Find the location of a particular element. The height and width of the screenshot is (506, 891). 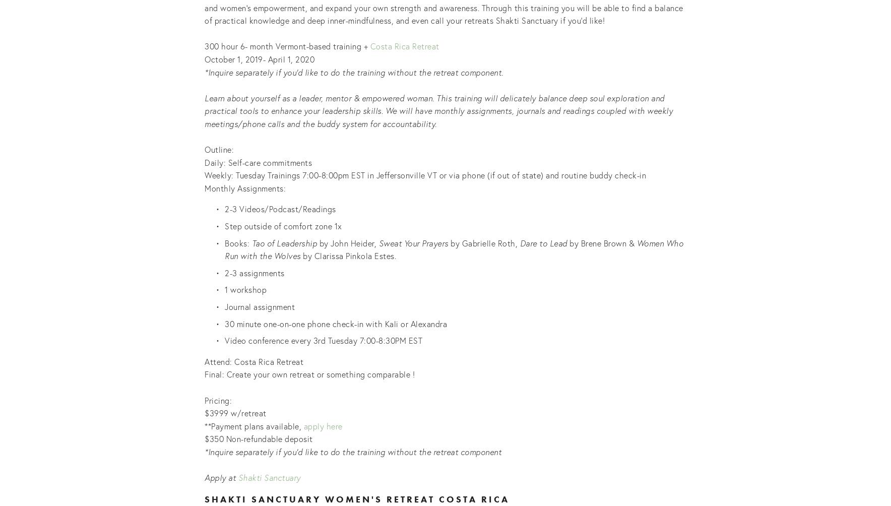

'October 1, 2019- April 1, 2020' is located at coordinates (260, 58).